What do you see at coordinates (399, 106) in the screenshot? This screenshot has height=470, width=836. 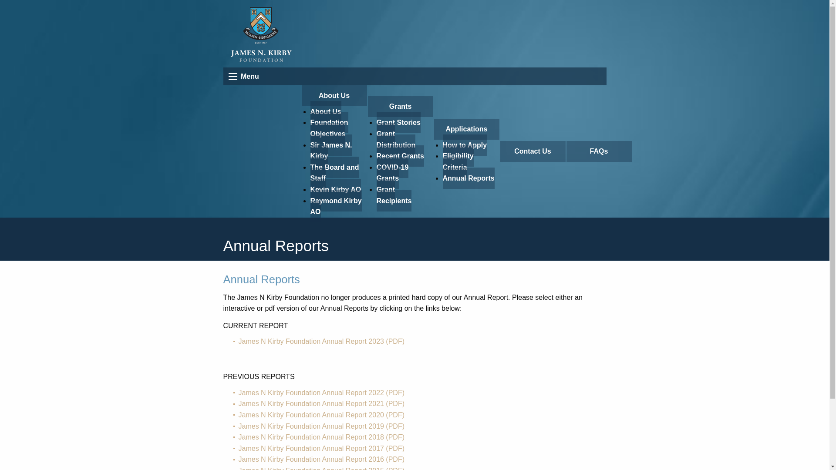 I see `'Grants'` at bounding box center [399, 106].